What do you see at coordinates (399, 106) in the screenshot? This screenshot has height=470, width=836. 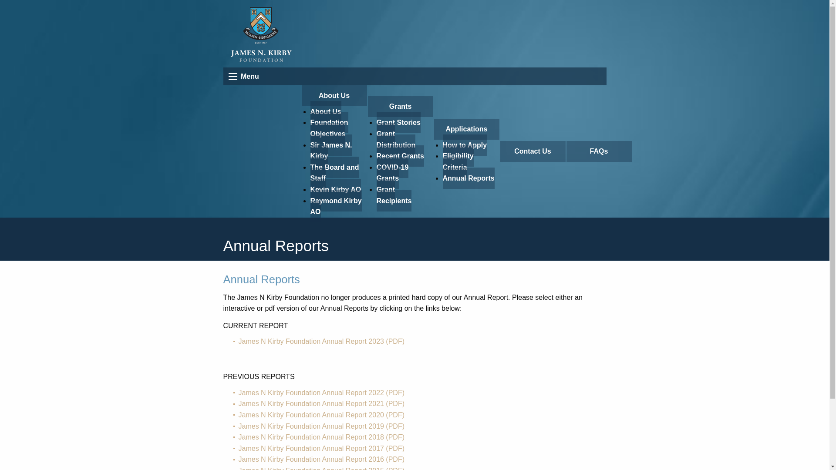 I see `'Grants'` at bounding box center [399, 106].